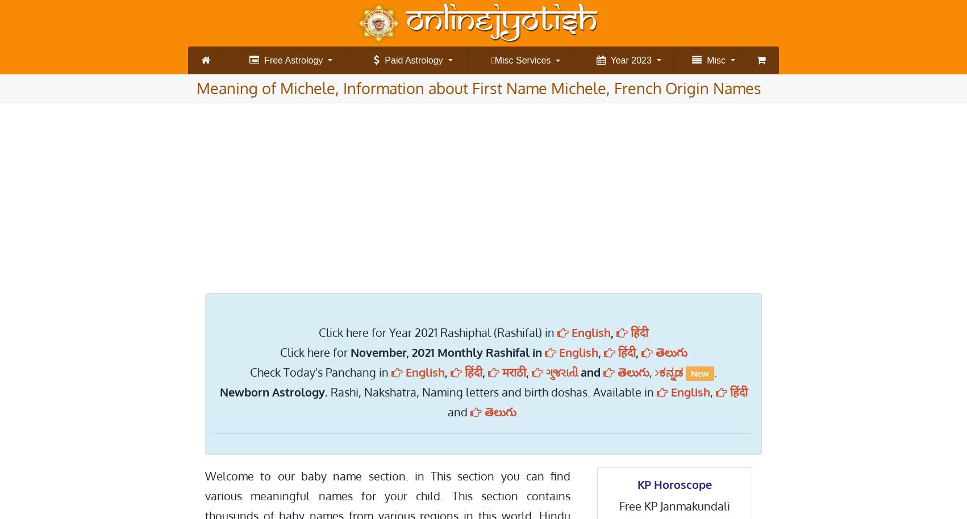 This screenshot has width=967, height=519. I want to click on 'સ્ટાર મેચિંગ (Star Match)', so click(694, 136).